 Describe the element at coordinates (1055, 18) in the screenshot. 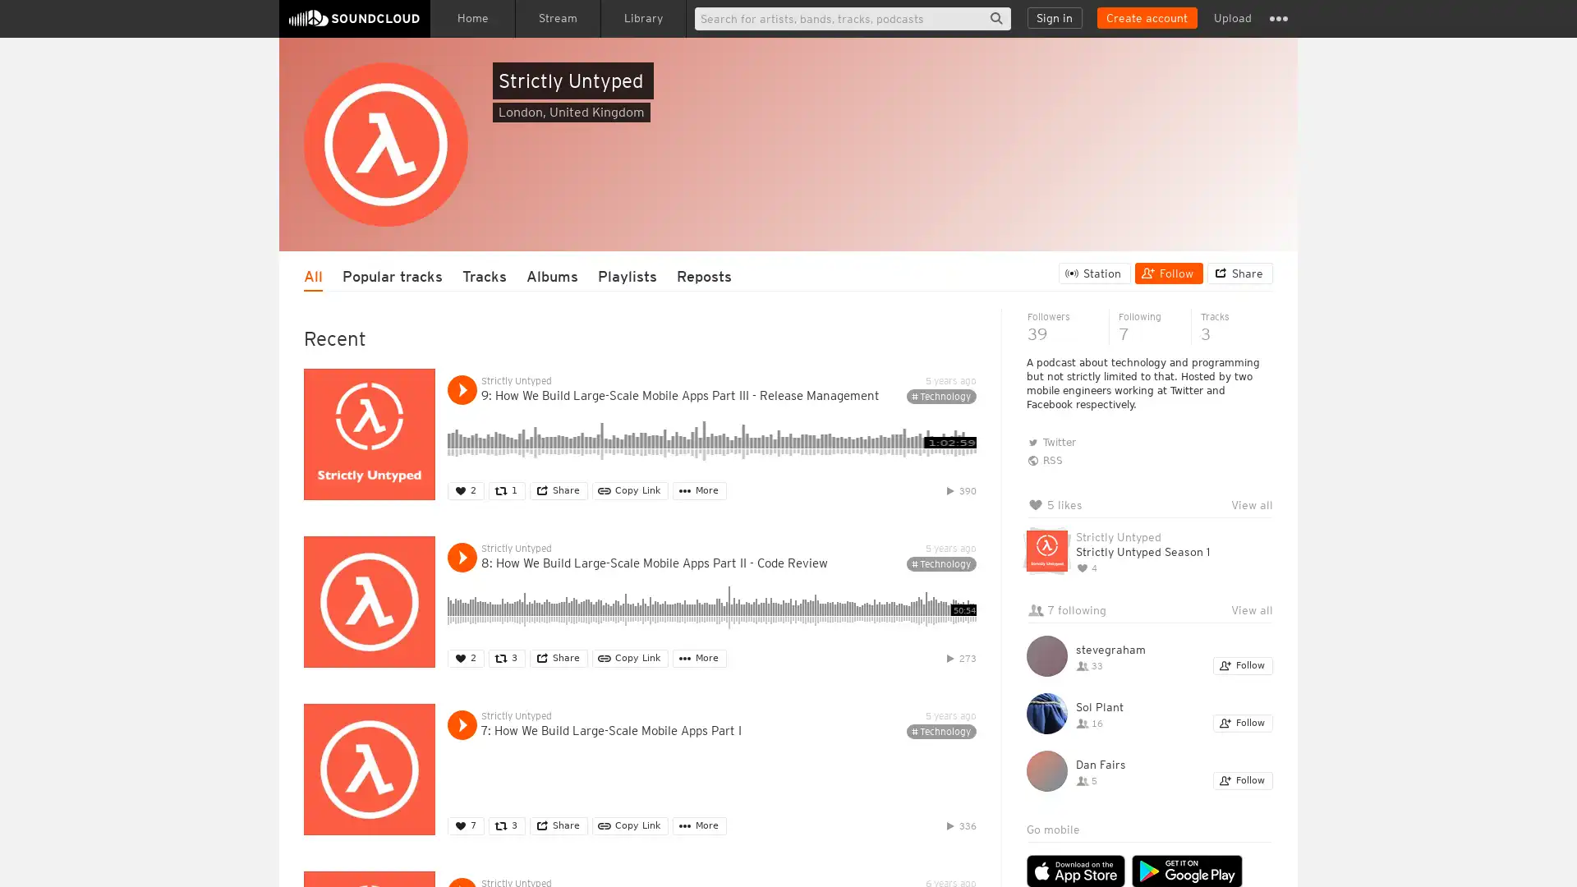

I see `Sign in` at that location.